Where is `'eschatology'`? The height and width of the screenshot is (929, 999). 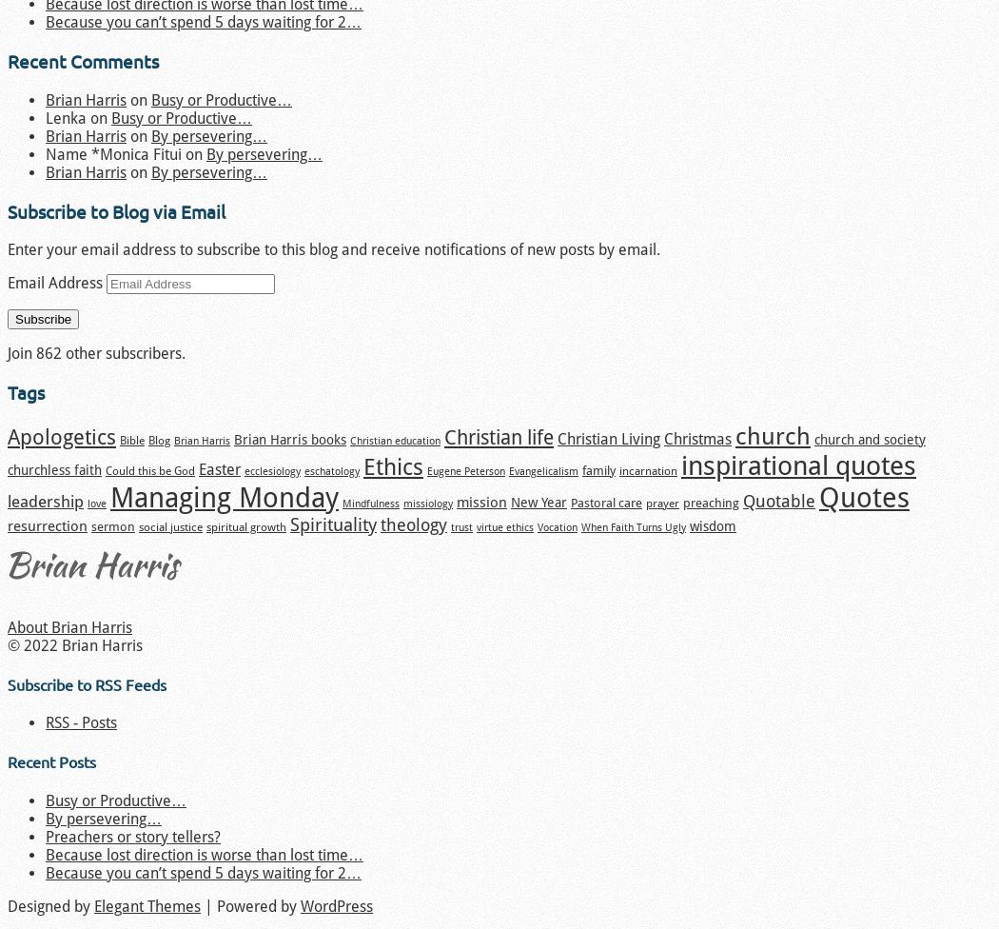 'eschatology' is located at coordinates (331, 469).